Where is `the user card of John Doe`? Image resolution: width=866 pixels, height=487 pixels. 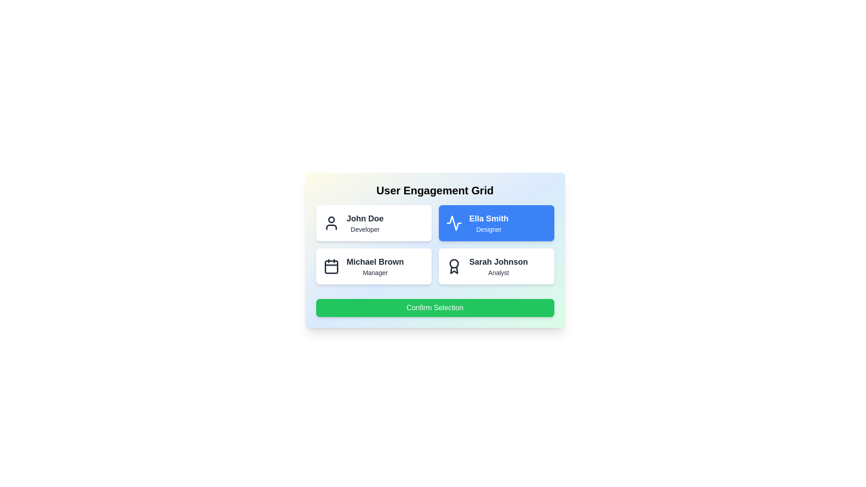
the user card of John Doe is located at coordinates (373, 223).